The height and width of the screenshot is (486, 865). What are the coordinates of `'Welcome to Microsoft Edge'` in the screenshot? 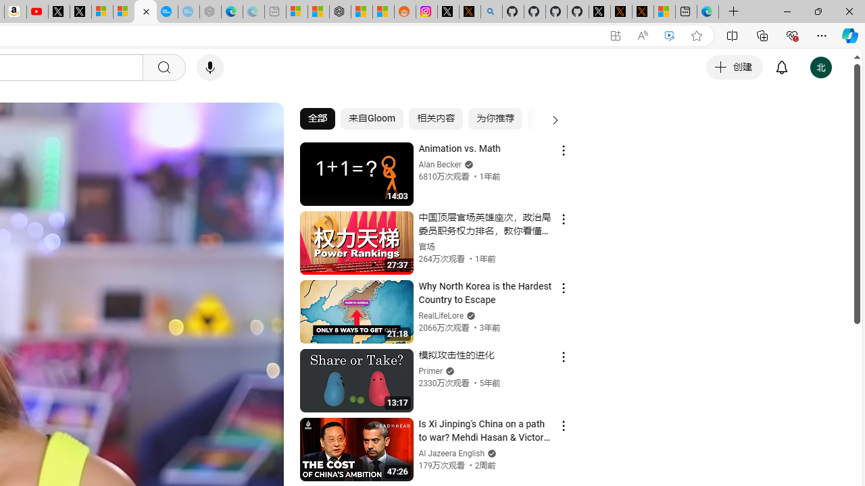 It's located at (707, 11).